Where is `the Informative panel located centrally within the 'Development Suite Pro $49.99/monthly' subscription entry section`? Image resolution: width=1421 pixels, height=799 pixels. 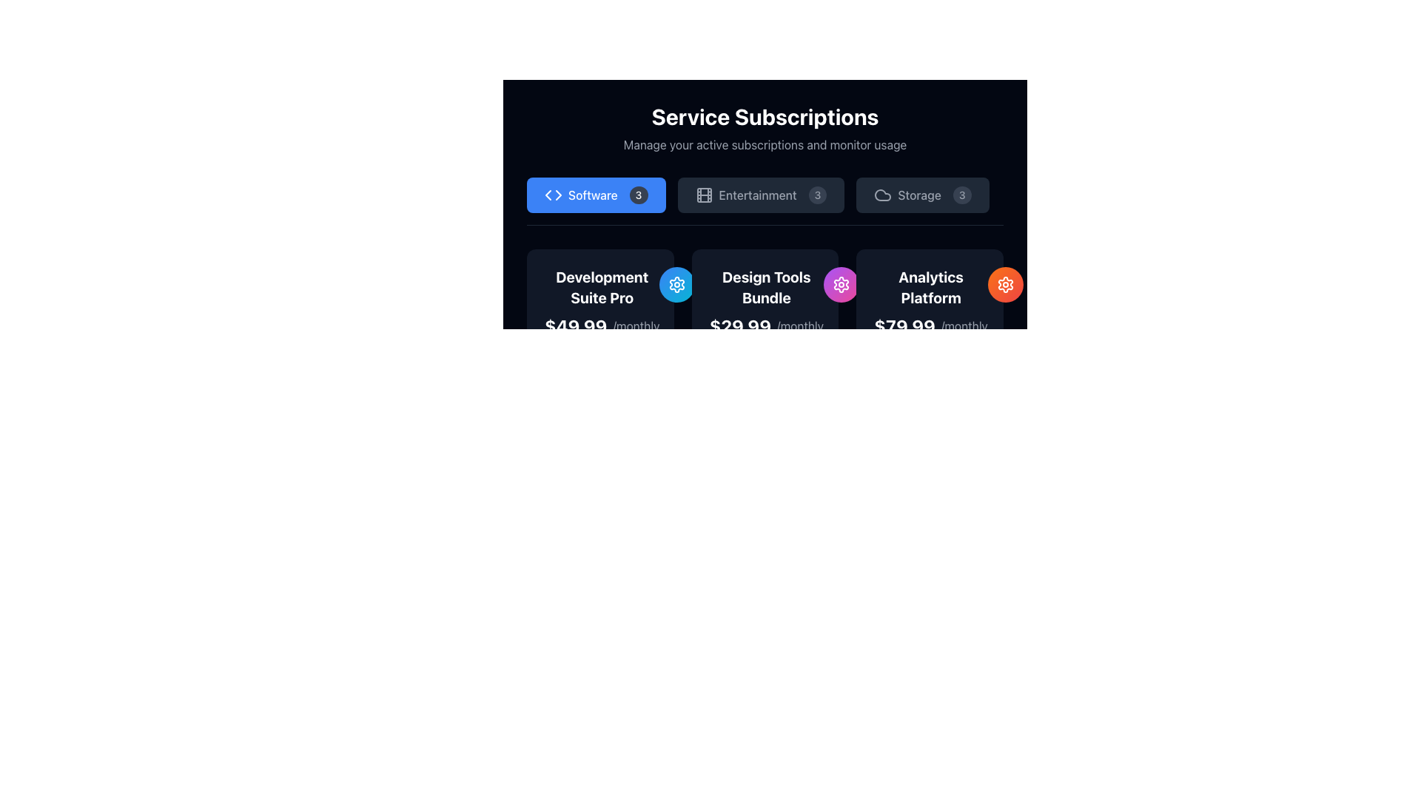 the Informative panel located centrally within the 'Development Suite Pro $49.99/monthly' subscription entry section is located at coordinates (600, 417).